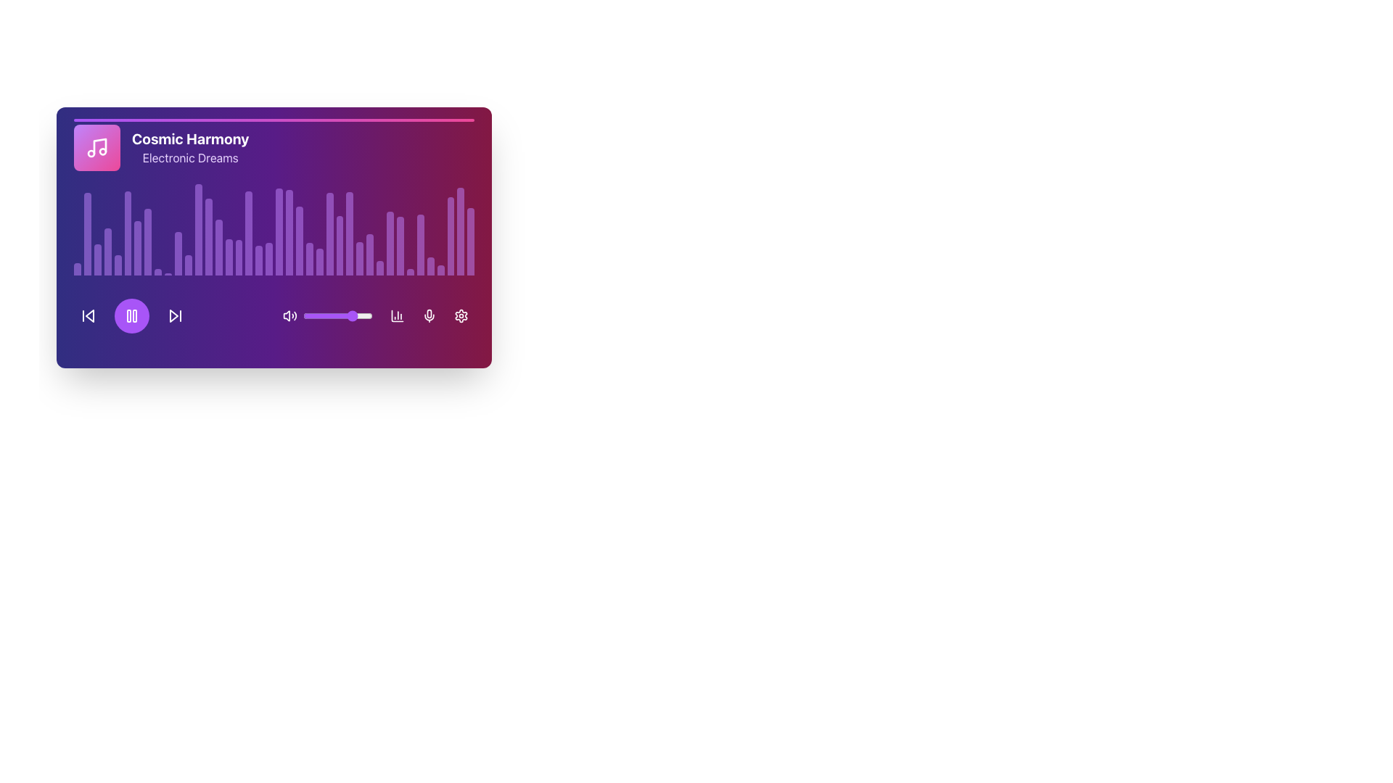 The width and height of the screenshot is (1393, 783). I want to click on the visual sound activity visualizer located centrally below the track title 'Cosmic Harmony' and 'Electronic Dreams' in the music player interface, so click(274, 228).